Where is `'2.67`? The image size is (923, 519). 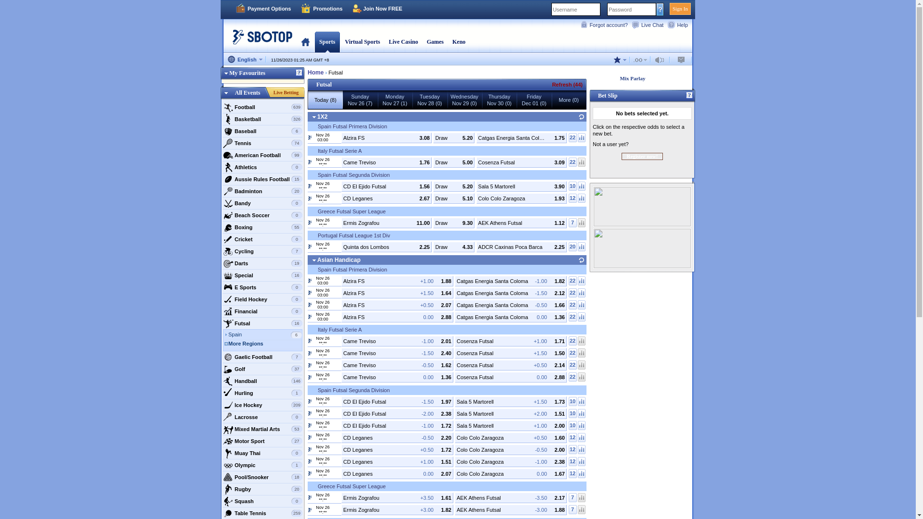
'2.67 is located at coordinates (387, 198).